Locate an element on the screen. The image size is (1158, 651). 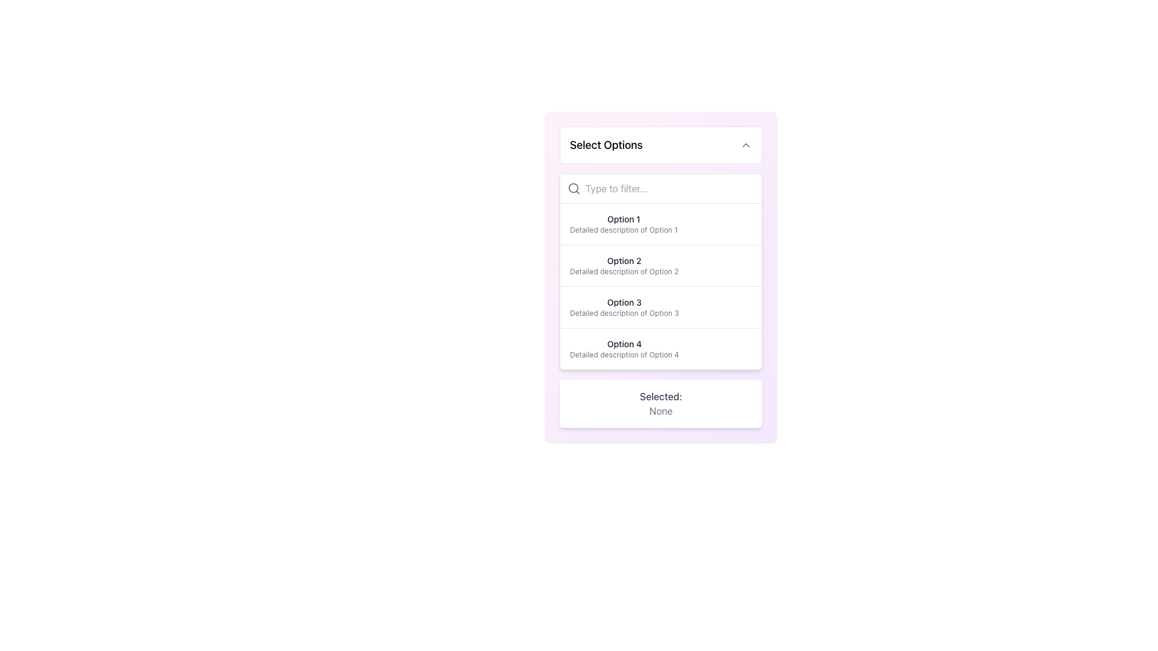
the List item displaying 'Option 3' is located at coordinates (624, 306).